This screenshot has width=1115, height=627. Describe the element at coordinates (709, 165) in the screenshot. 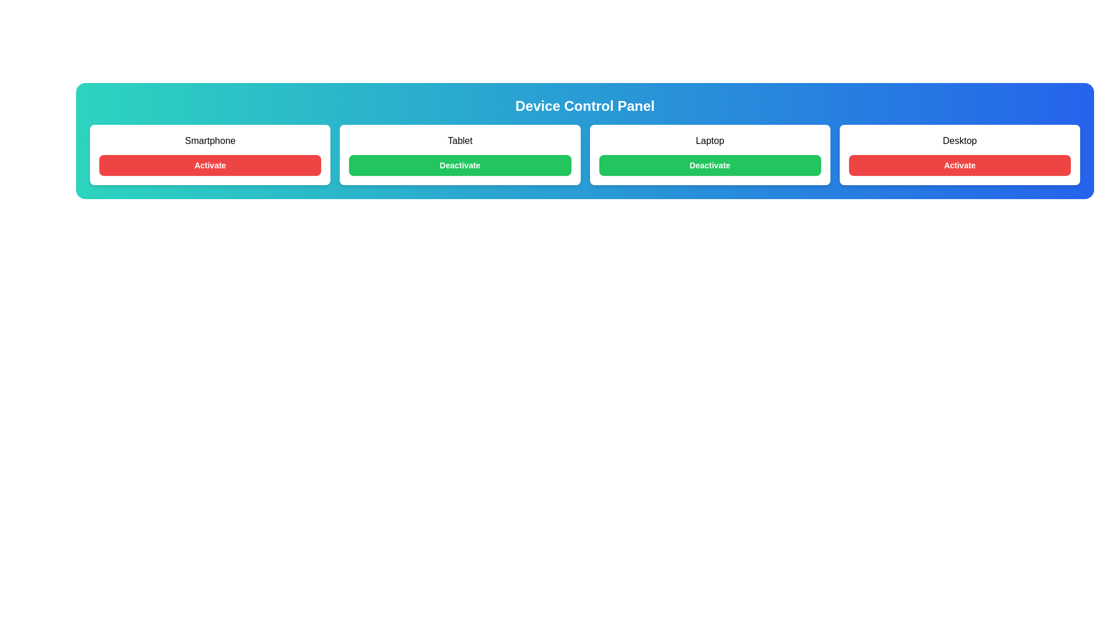

I see `the button for Laptop to observe the hover effect` at that location.